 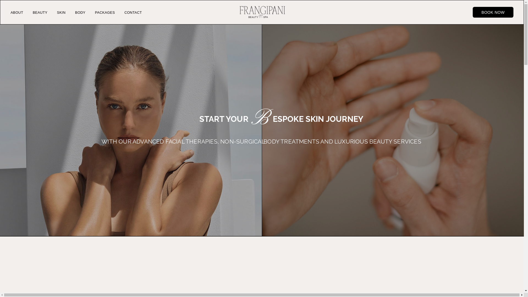 I want to click on 'CONTACT', so click(x=133, y=12).